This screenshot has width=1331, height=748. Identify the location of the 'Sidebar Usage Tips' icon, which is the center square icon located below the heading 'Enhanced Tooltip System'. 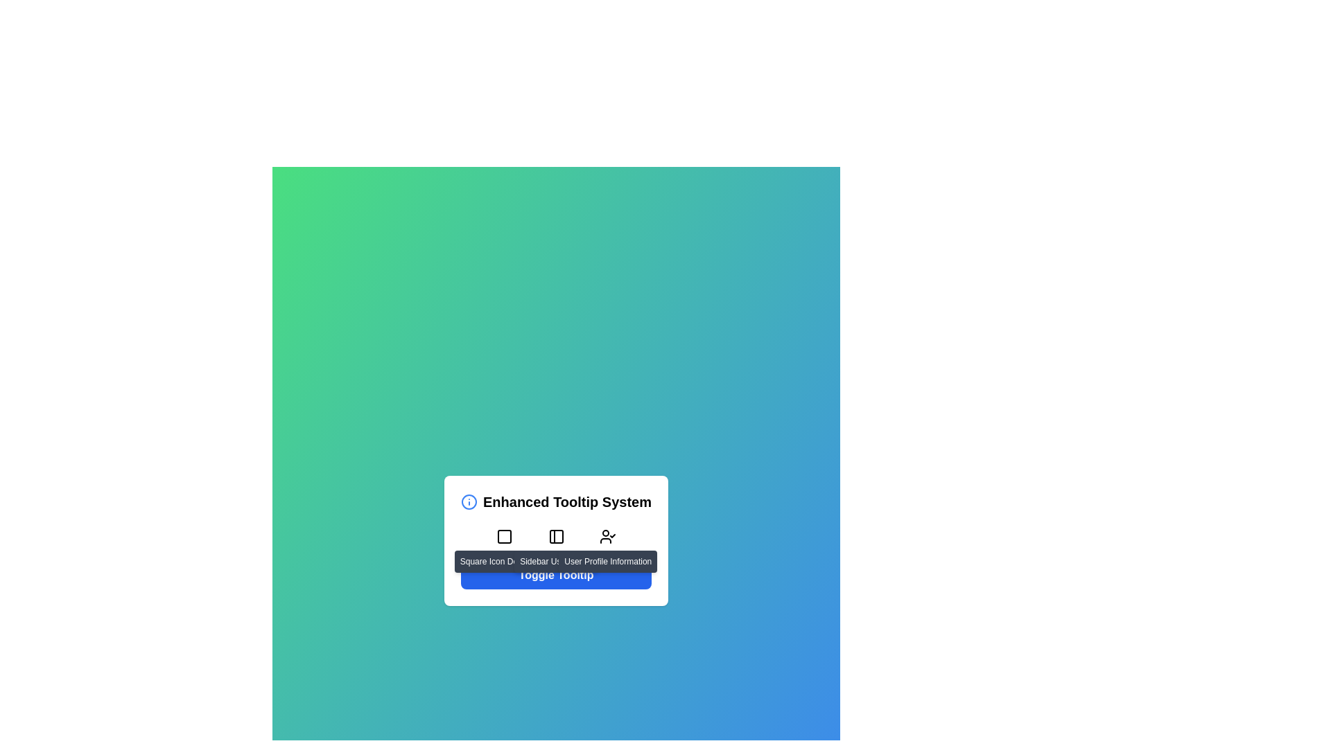
(556, 540).